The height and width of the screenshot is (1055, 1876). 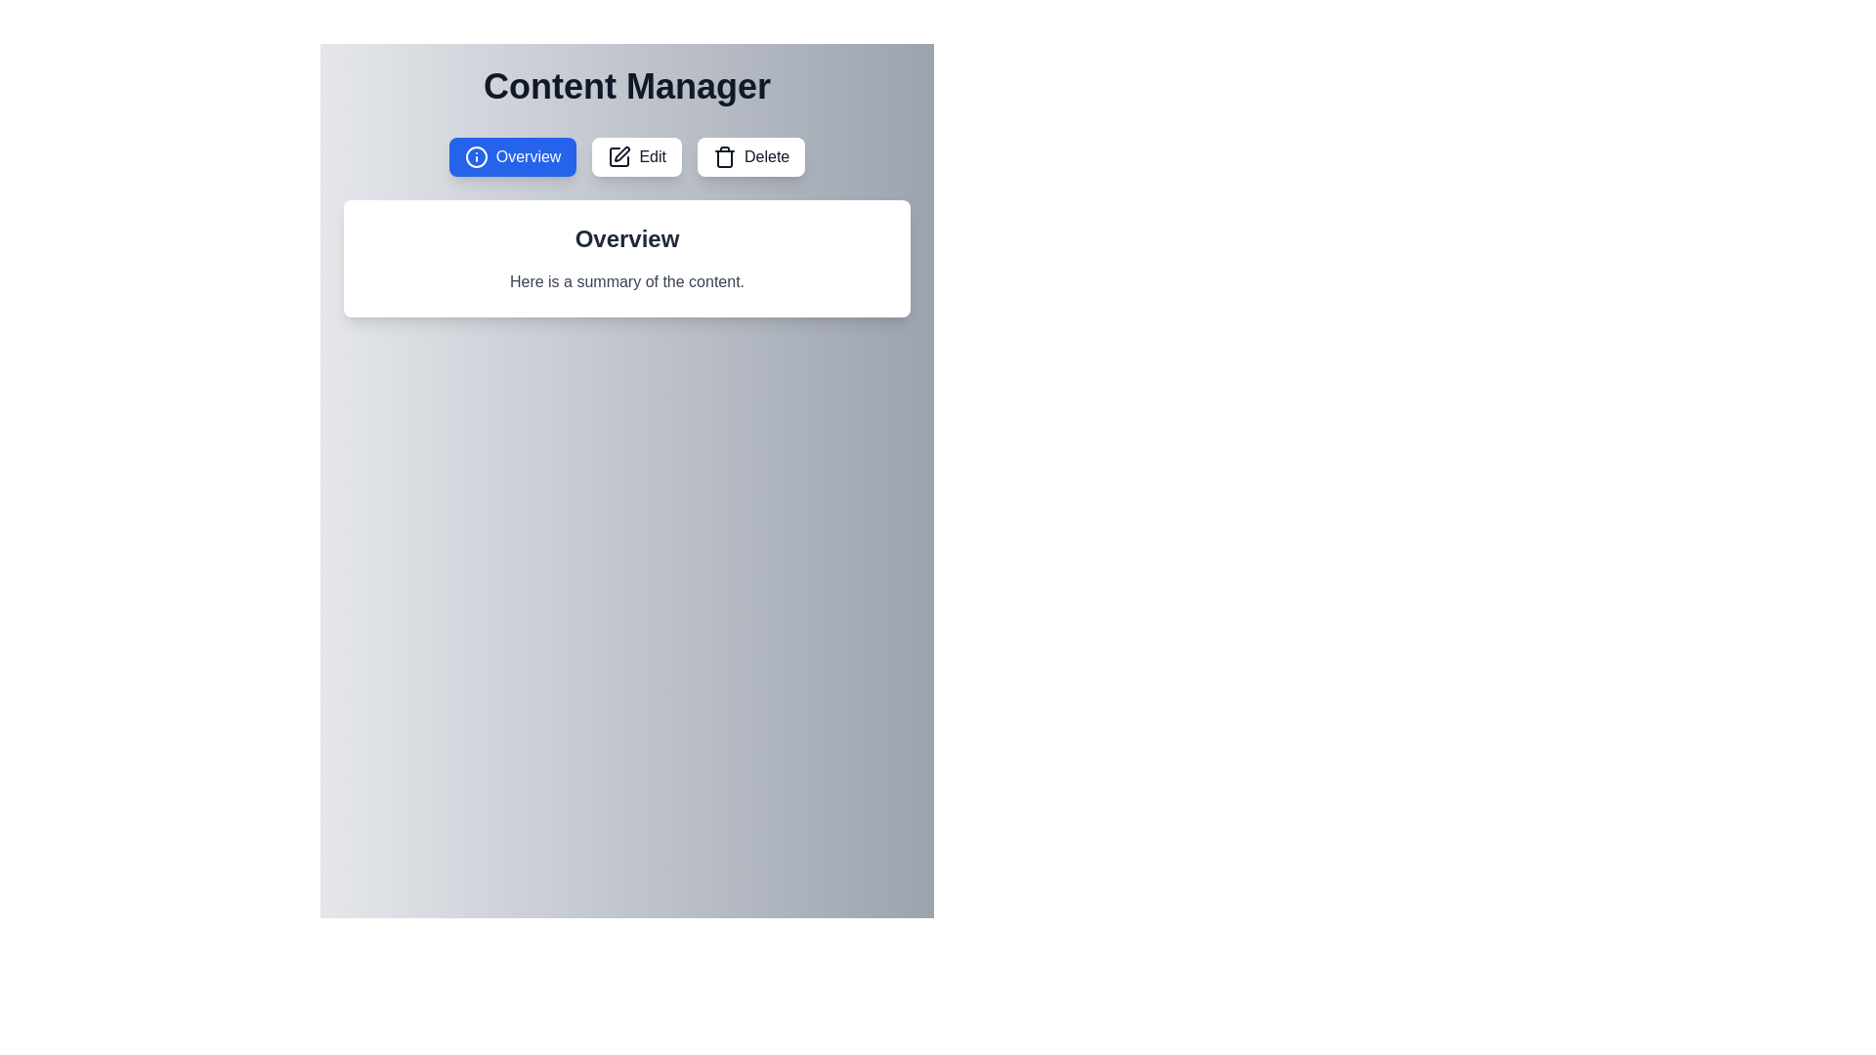 I want to click on the Delete button, so click(x=749, y=156).